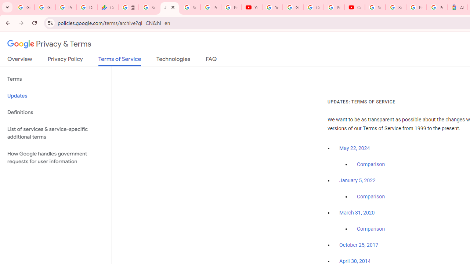  Describe the element at coordinates (355, 7) in the screenshot. I see `'Content Creator Programs & Opportunities - YouTube Creators'` at that location.